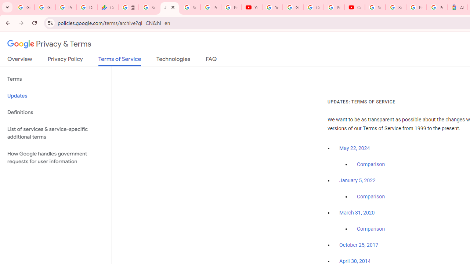  Describe the element at coordinates (355, 7) in the screenshot. I see `'Content Creator Programs & Opportunities - YouTube Creators'` at that location.